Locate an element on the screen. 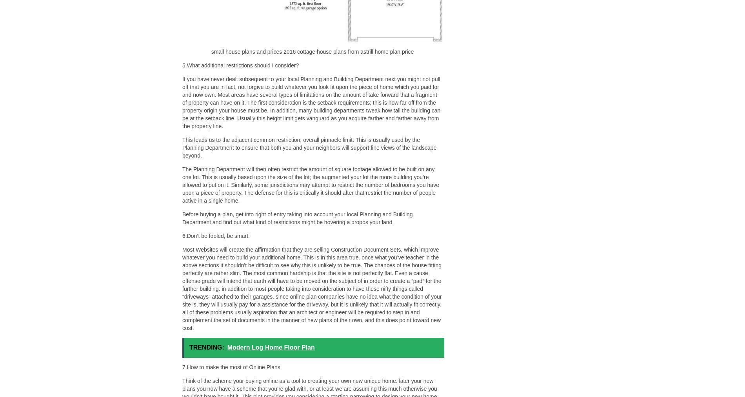 This screenshot has height=397, width=745. 'If you have never dealt subsequent to your local Planning and Building Department next you might not pull off that you are in fact, not forgive to build whatever you look fit upon the piece of home which you paid for and now own. Most areas have several types of limitations on the amount of take forward that a fragment of property can have on it. The first consideration is the setback requirements; this is how far-off from the property origin your house must be. In addition, many building departments tweak how tall the building can be at the setback line. Usually this height limit gets vanguard as you acquire farther and farther away from the property line.' is located at coordinates (311, 102).